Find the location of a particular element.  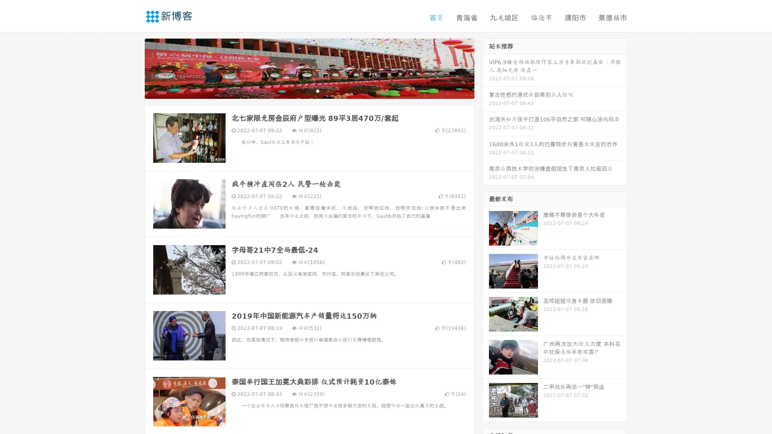

Go to slide 2 is located at coordinates (309, 90).